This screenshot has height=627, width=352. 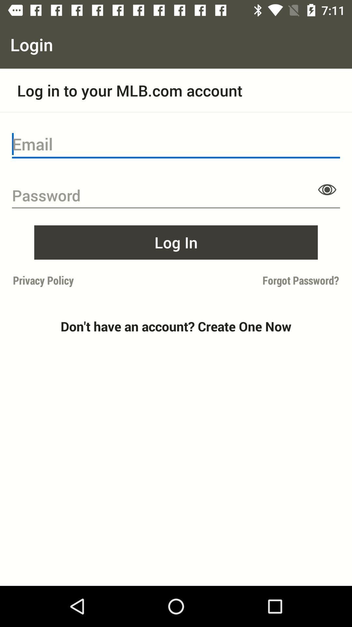 What do you see at coordinates (92, 280) in the screenshot?
I see `privacy policy item` at bounding box center [92, 280].